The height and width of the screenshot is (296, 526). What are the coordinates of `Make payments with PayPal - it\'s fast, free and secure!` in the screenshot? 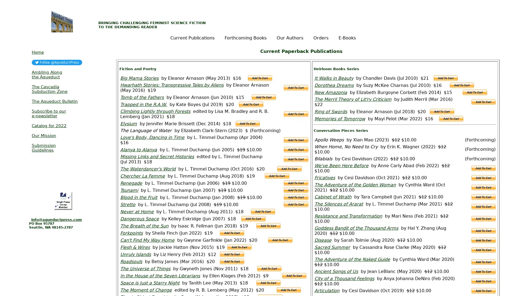 It's located at (268, 226).